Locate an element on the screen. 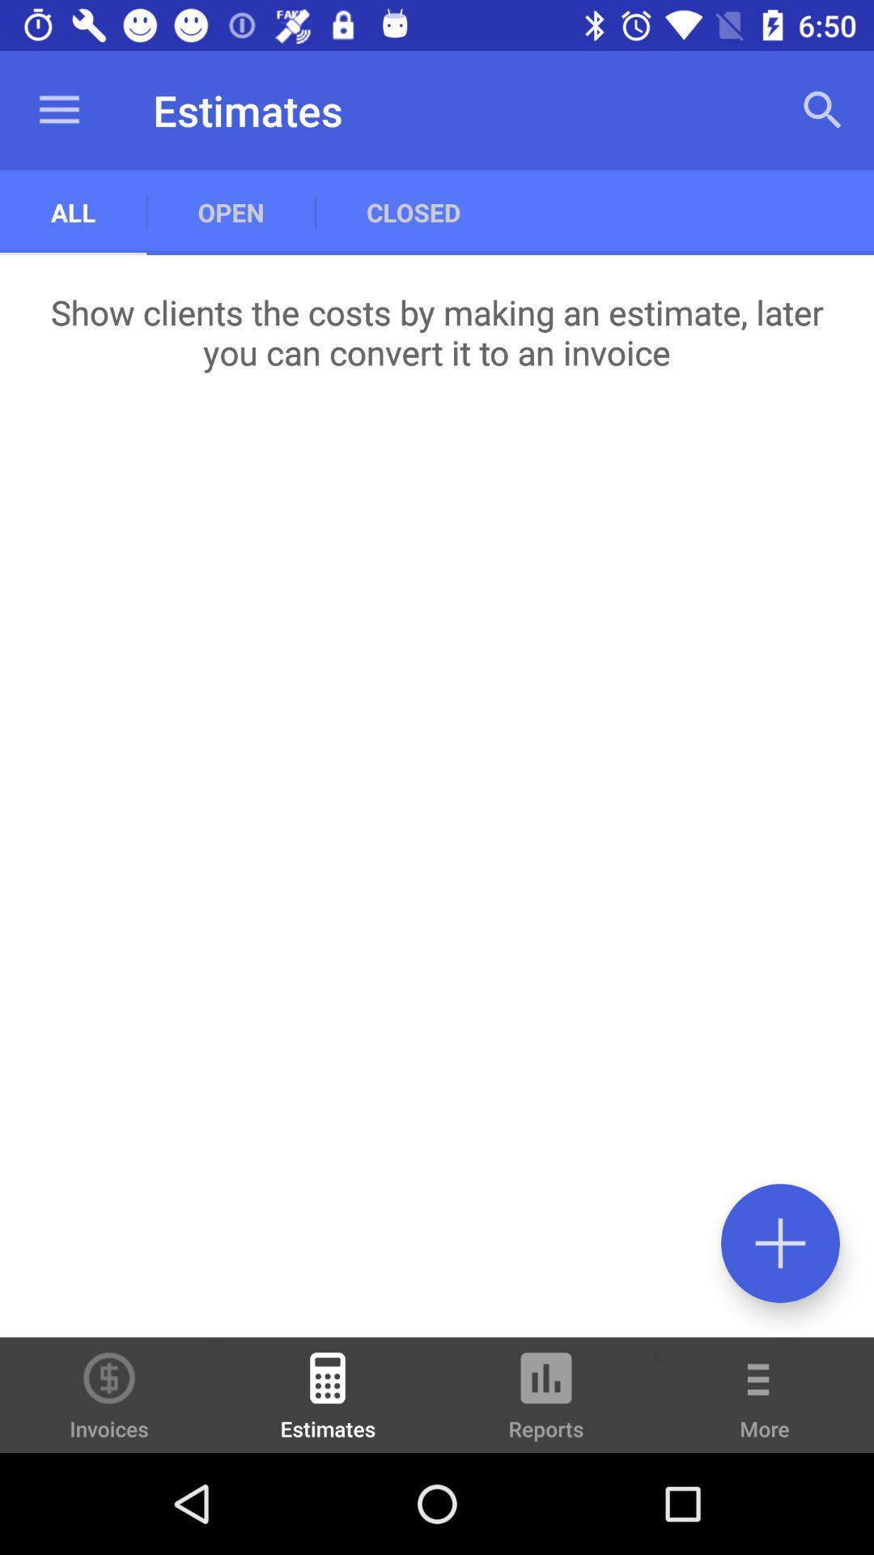  invoice is located at coordinates (779, 1242).